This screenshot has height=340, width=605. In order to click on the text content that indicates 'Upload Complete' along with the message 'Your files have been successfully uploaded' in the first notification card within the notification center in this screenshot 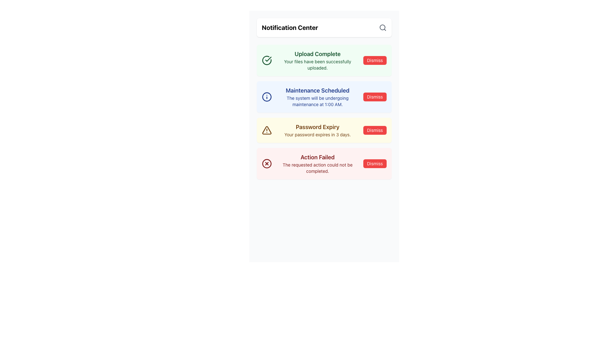, I will do `click(318, 60)`.